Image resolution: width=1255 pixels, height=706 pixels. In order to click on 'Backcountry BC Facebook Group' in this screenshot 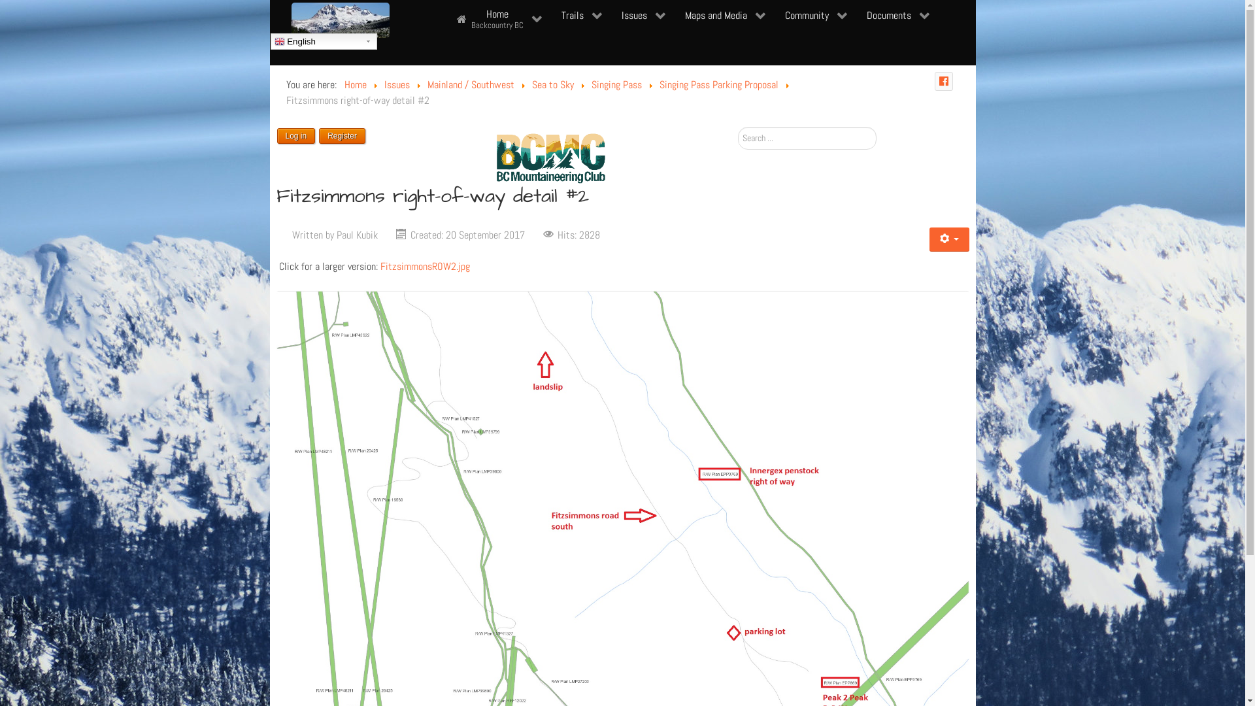, I will do `click(934, 81)`.